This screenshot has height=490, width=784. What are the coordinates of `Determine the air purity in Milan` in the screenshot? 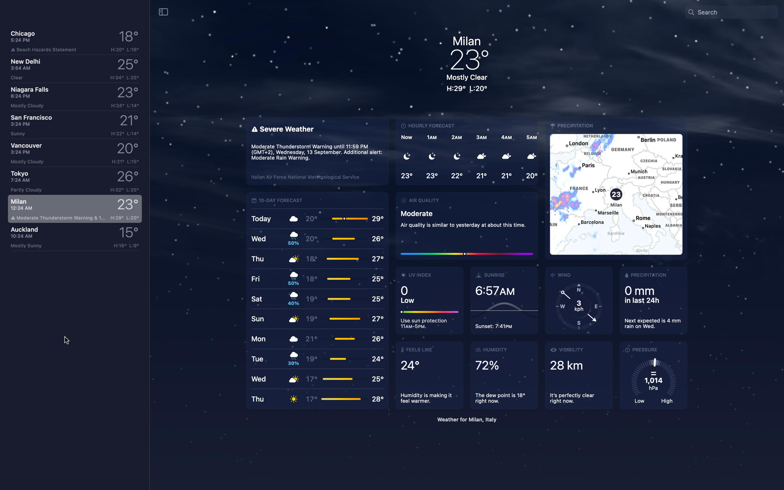 It's located at (467, 225).